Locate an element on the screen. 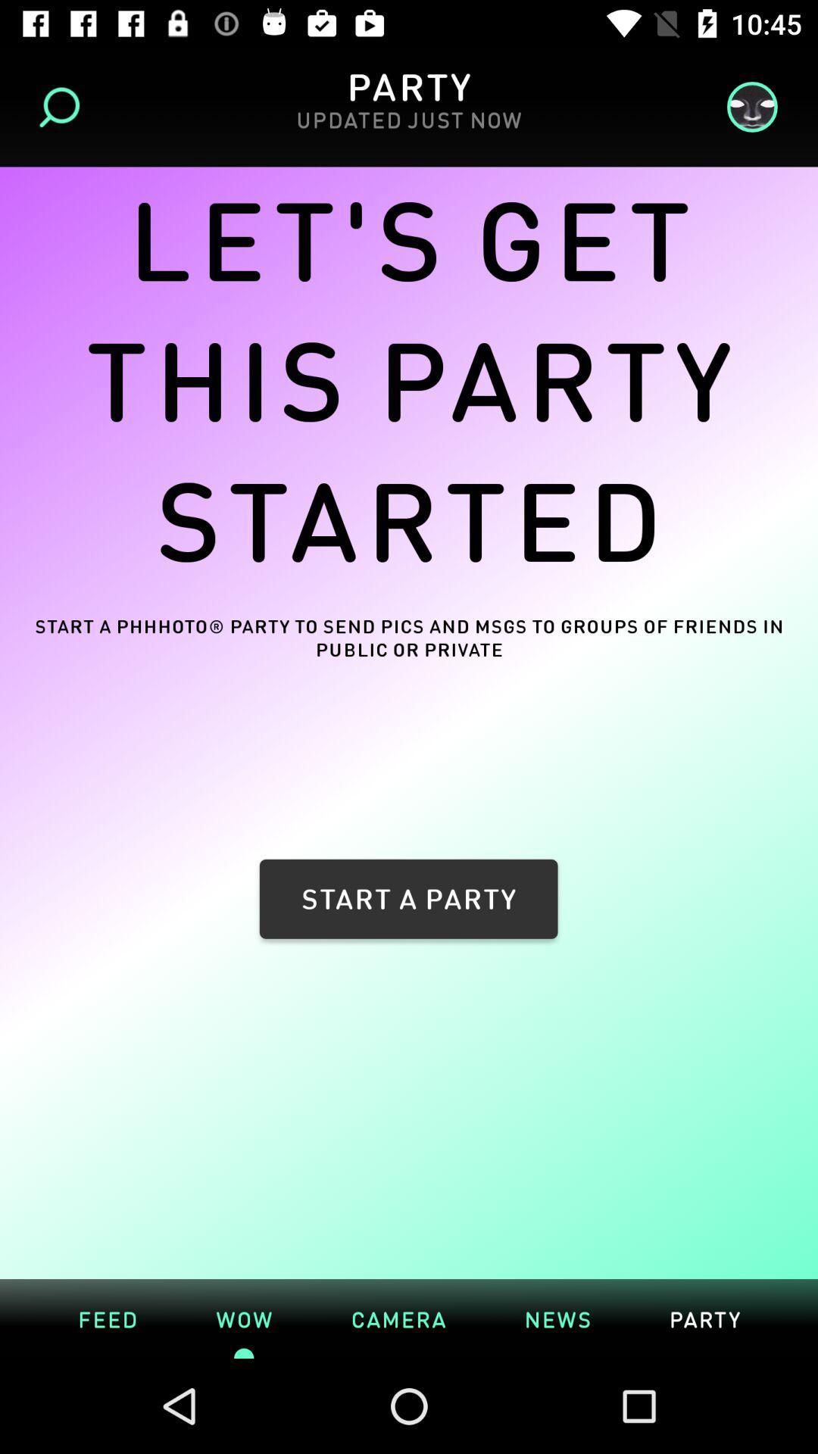 The width and height of the screenshot is (818, 1454). the icon next to the updated just now is located at coordinates (64, 106).